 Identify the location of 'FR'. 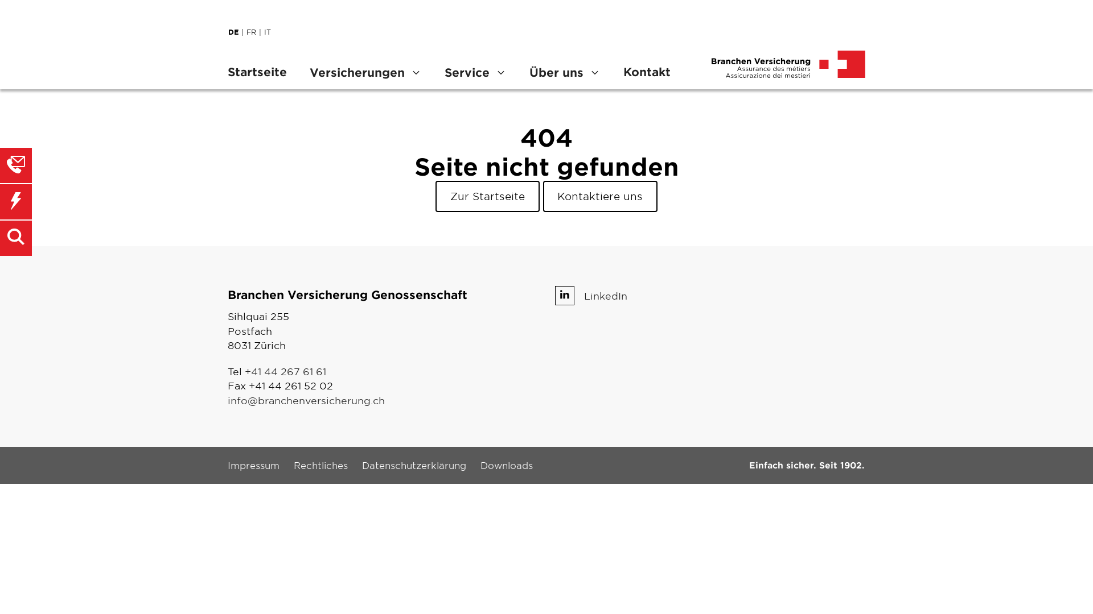
(254, 31).